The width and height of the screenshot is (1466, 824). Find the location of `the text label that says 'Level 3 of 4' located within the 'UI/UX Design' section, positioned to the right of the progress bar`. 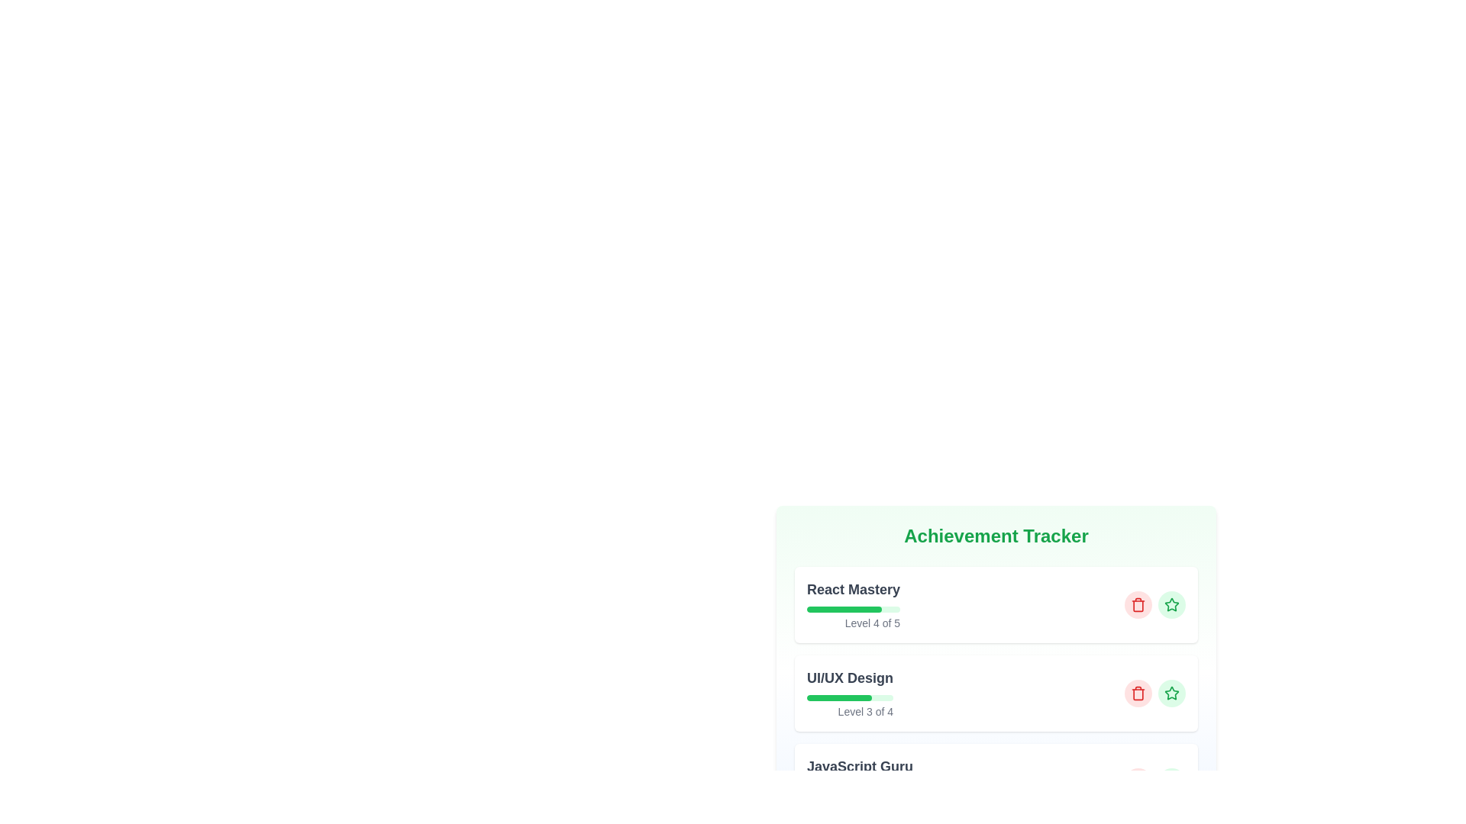

the text label that says 'Level 3 of 4' located within the 'UI/UX Design' section, positioned to the right of the progress bar is located at coordinates (849, 712).